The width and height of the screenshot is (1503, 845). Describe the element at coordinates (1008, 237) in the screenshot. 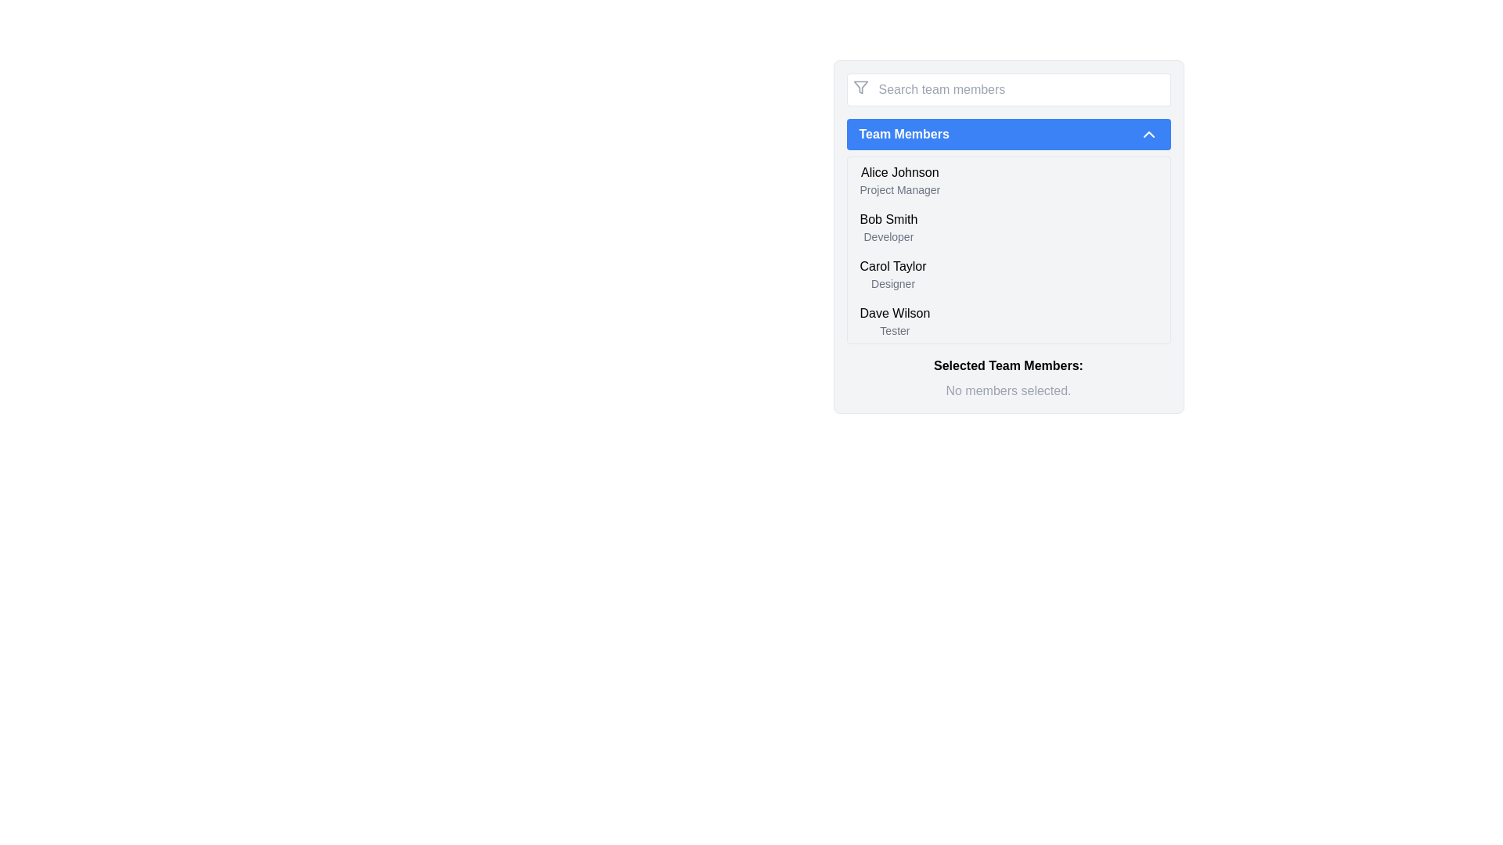

I see `the text label displaying 'Bob Smith, Developer' which is the second item in the team members list by clicking on its center point` at that location.